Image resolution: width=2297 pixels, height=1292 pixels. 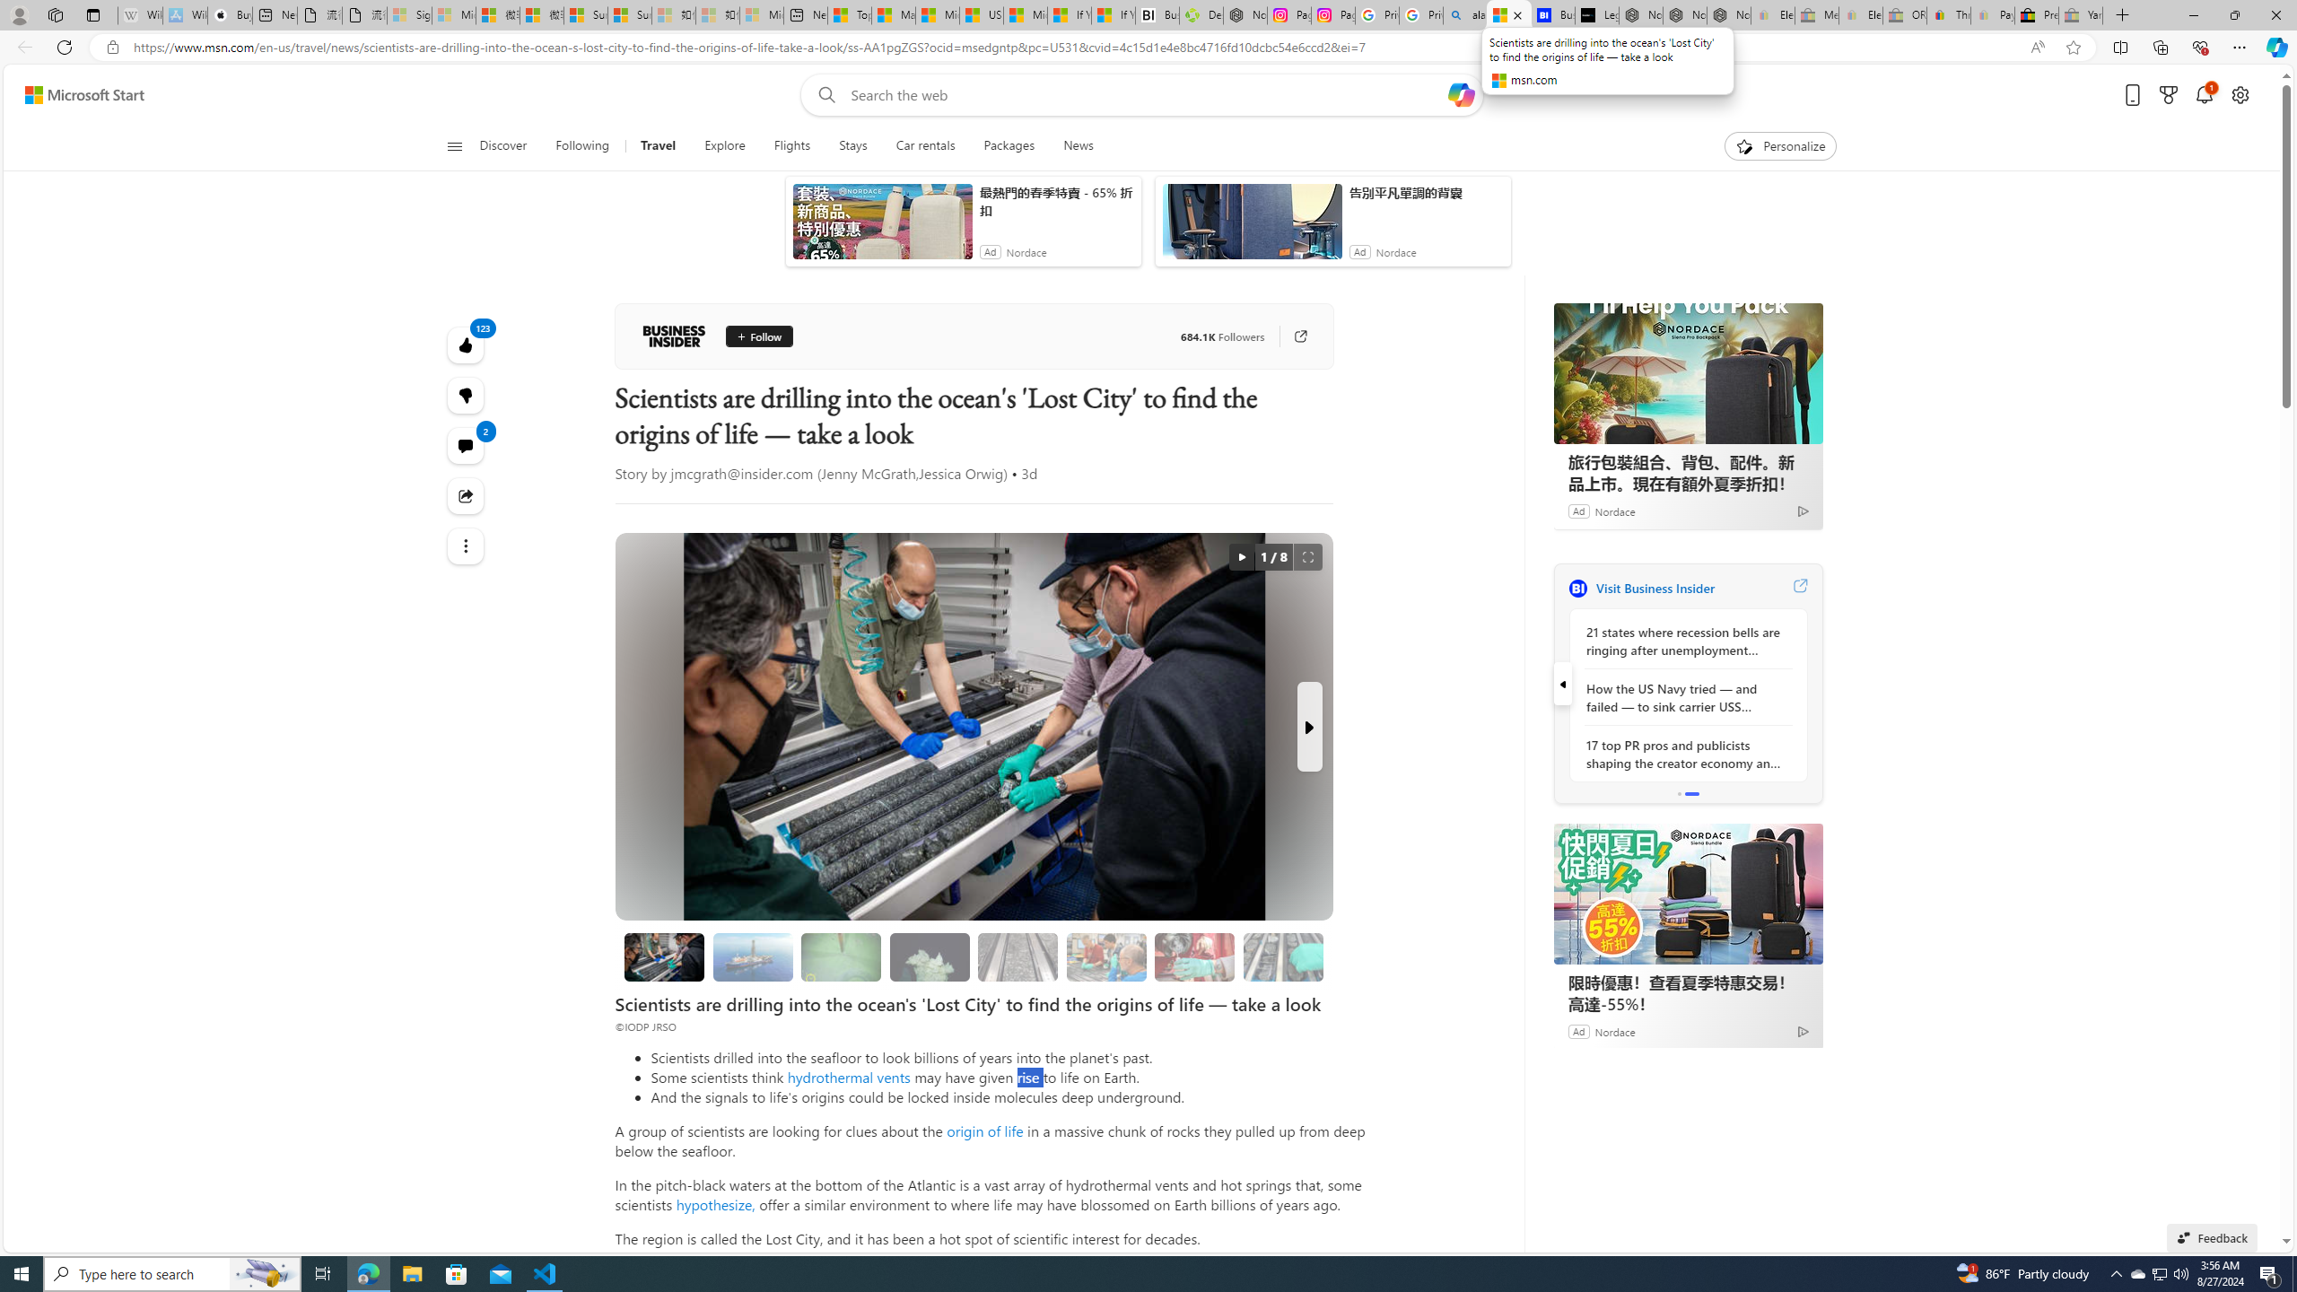 What do you see at coordinates (724, 145) in the screenshot?
I see `'Explore'` at bounding box center [724, 145].